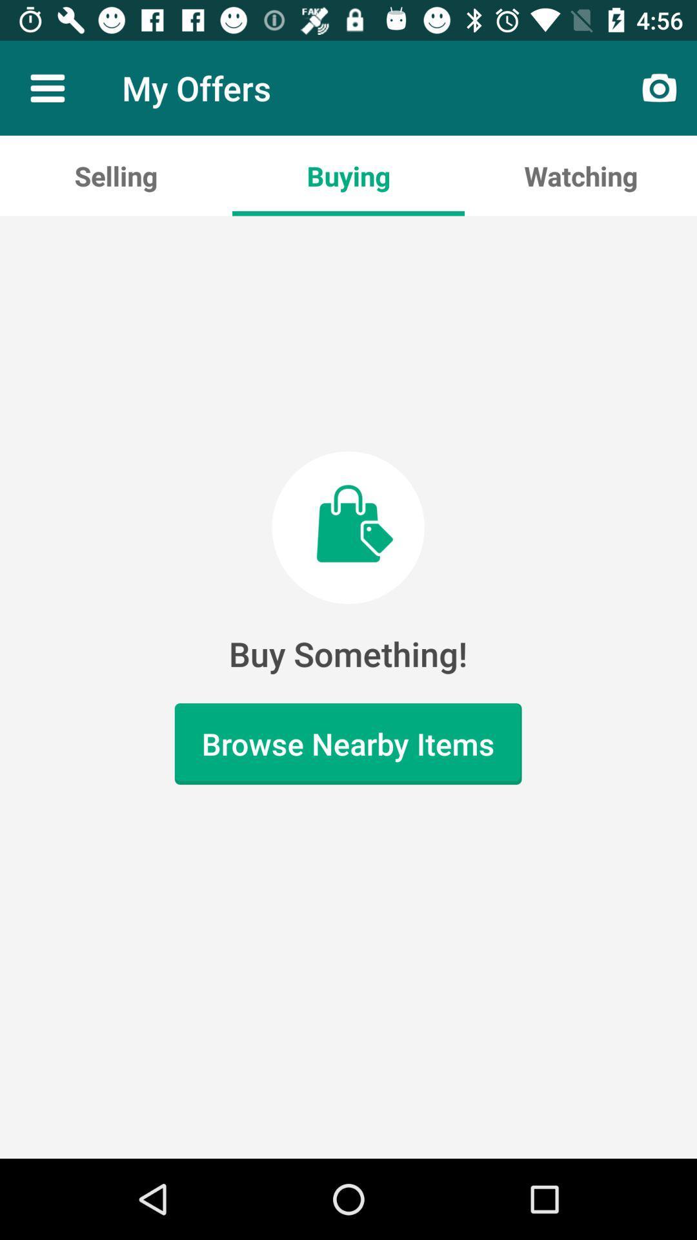  What do you see at coordinates (660, 87) in the screenshot?
I see `item above watching icon` at bounding box center [660, 87].